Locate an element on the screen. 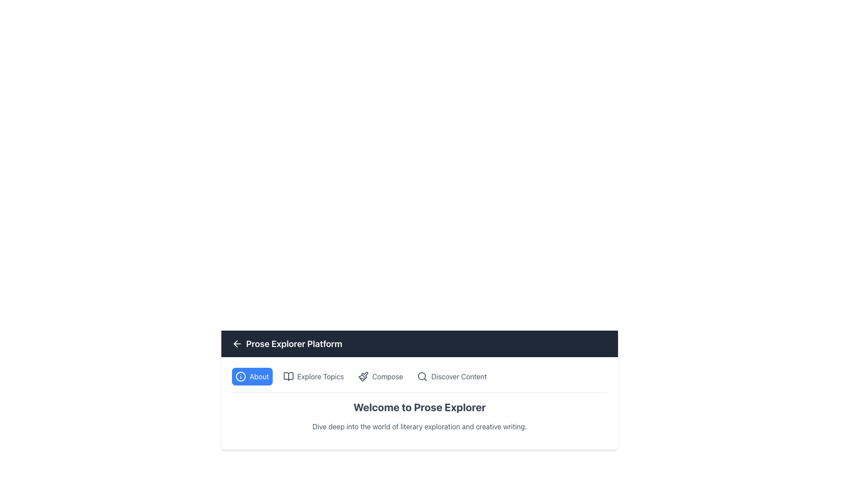 This screenshot has height=478, width=850. the left arrow icon located at the top-left corner of the header bar, before the text 'Prose Explorer Platform' is located at coordinates (236, 343).